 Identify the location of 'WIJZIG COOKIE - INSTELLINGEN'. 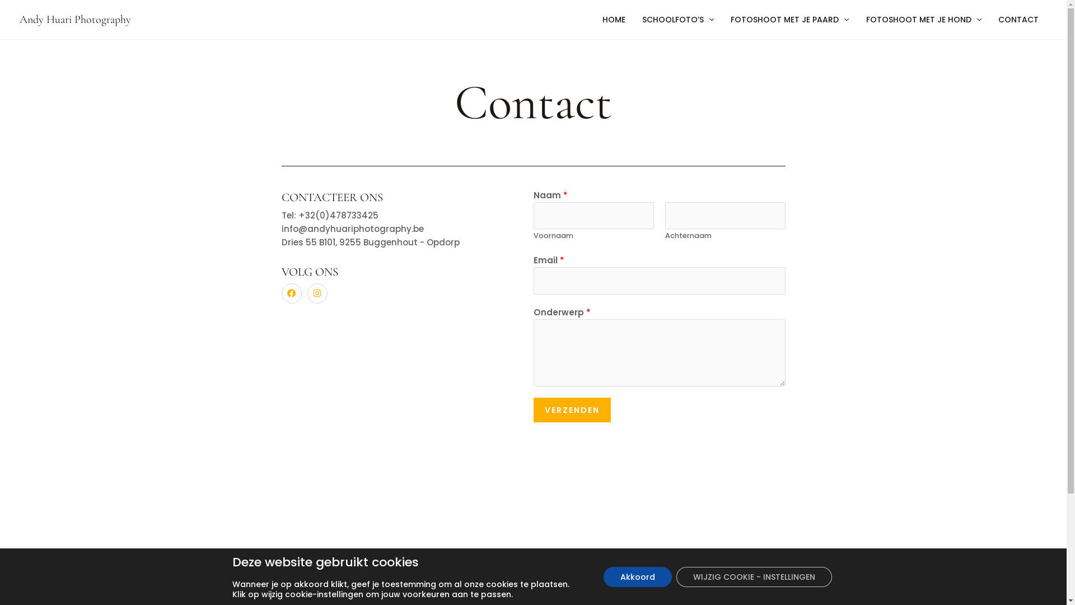
(754, 576).